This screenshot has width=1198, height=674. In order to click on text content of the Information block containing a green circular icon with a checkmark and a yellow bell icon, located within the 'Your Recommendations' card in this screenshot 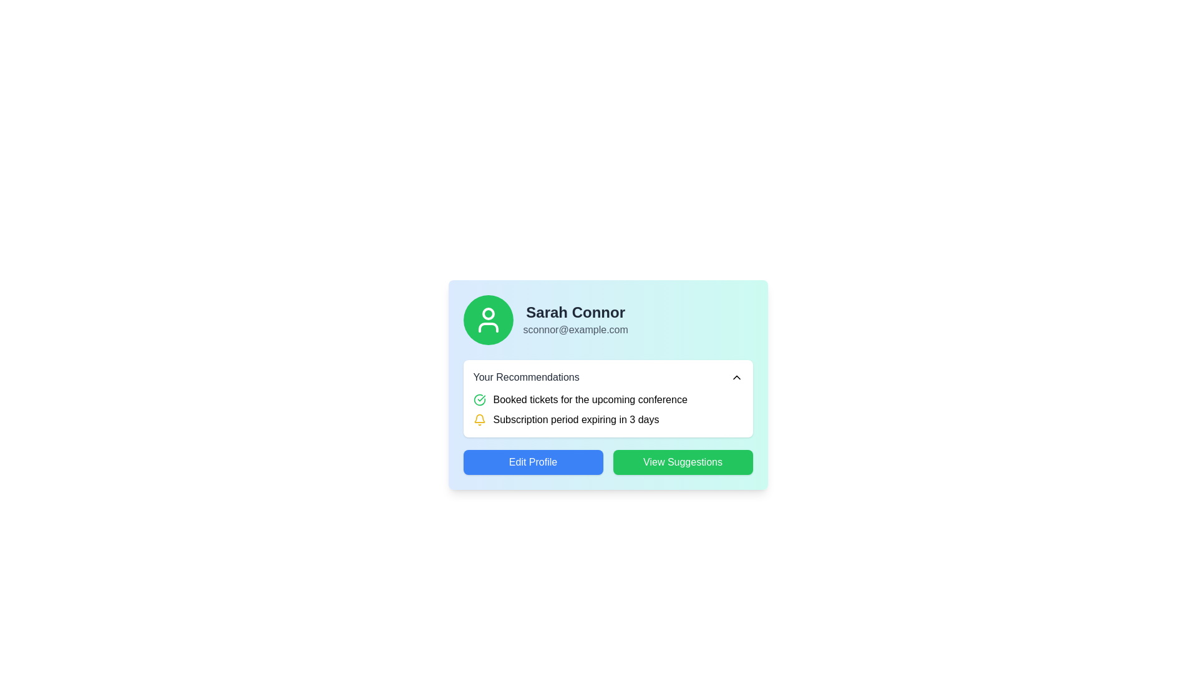, I will do `click(608, 409)`.